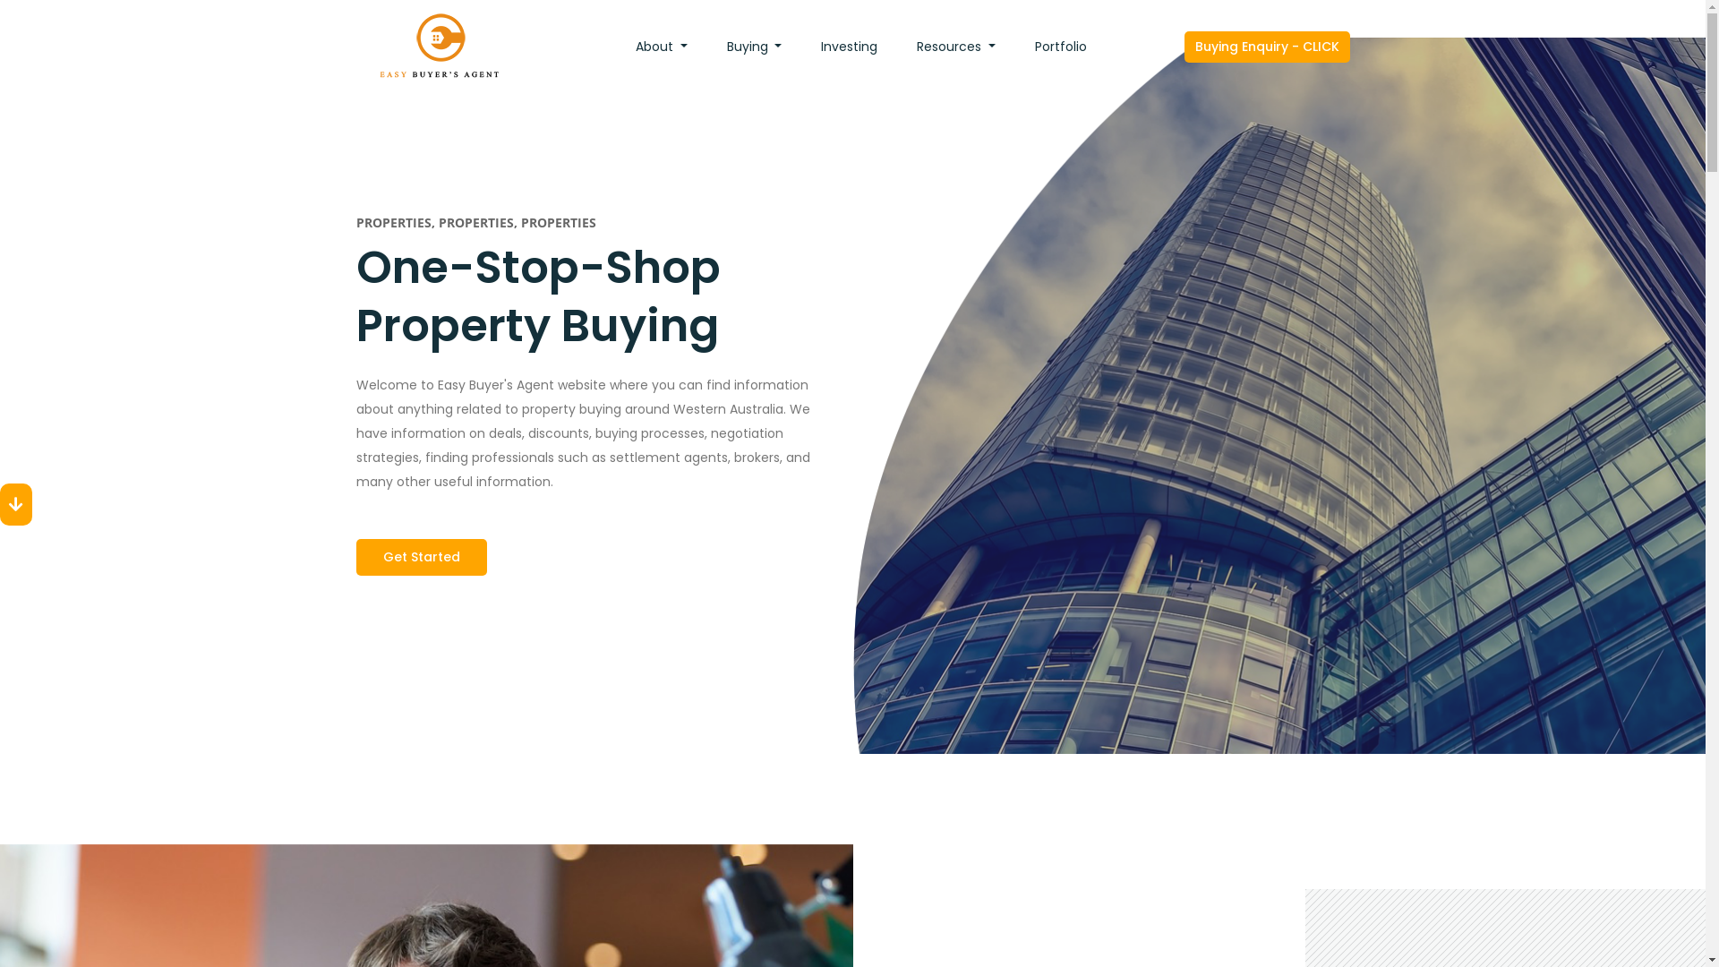  I want to click on 'About', so click(661, 46).